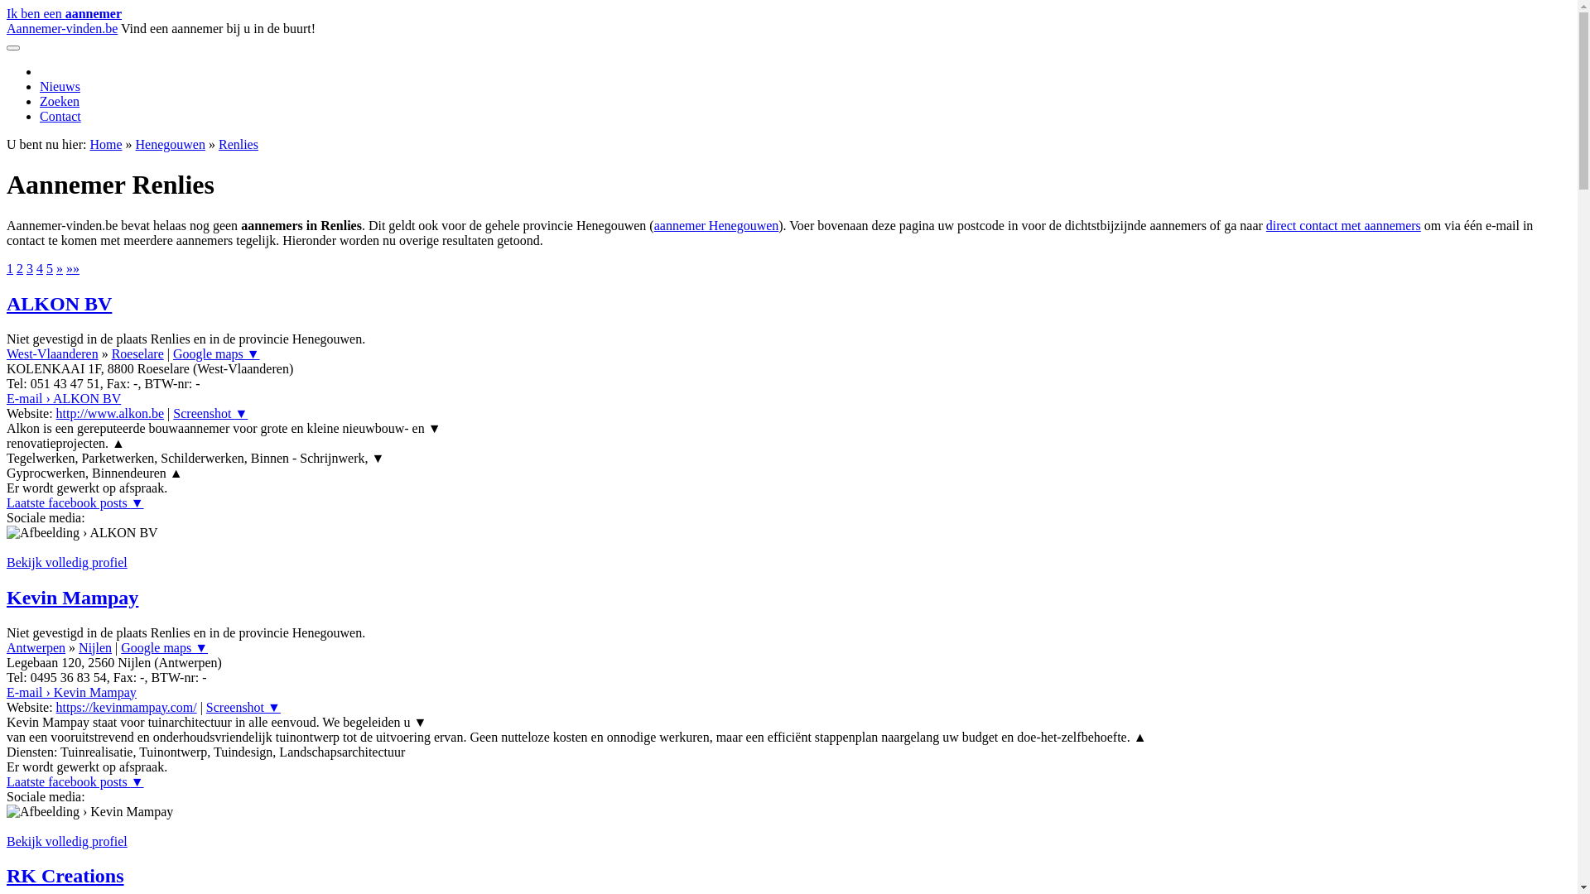  I want to click on 'aannemer Henegouwen', so click(716, 225).